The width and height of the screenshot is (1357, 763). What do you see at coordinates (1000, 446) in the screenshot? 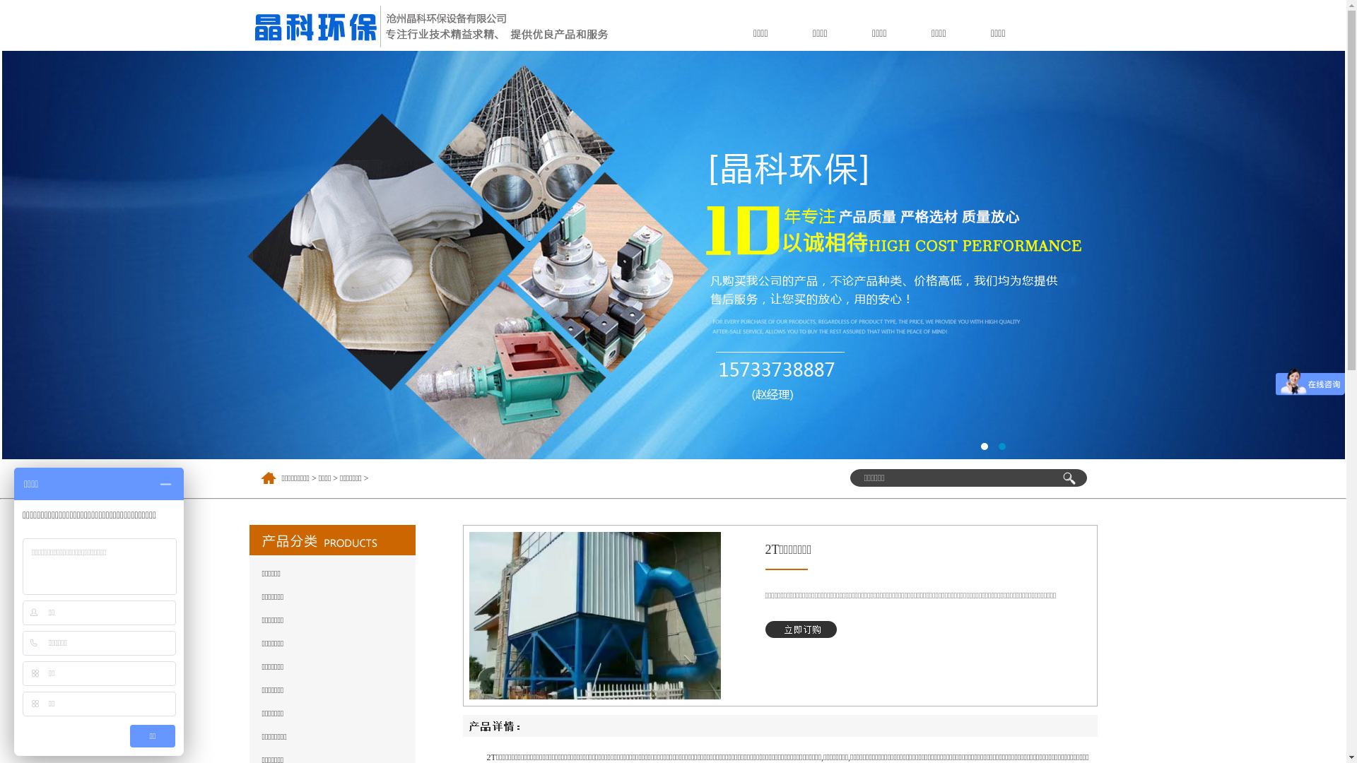
I see `'2'` at bounding box center [1000, 446].